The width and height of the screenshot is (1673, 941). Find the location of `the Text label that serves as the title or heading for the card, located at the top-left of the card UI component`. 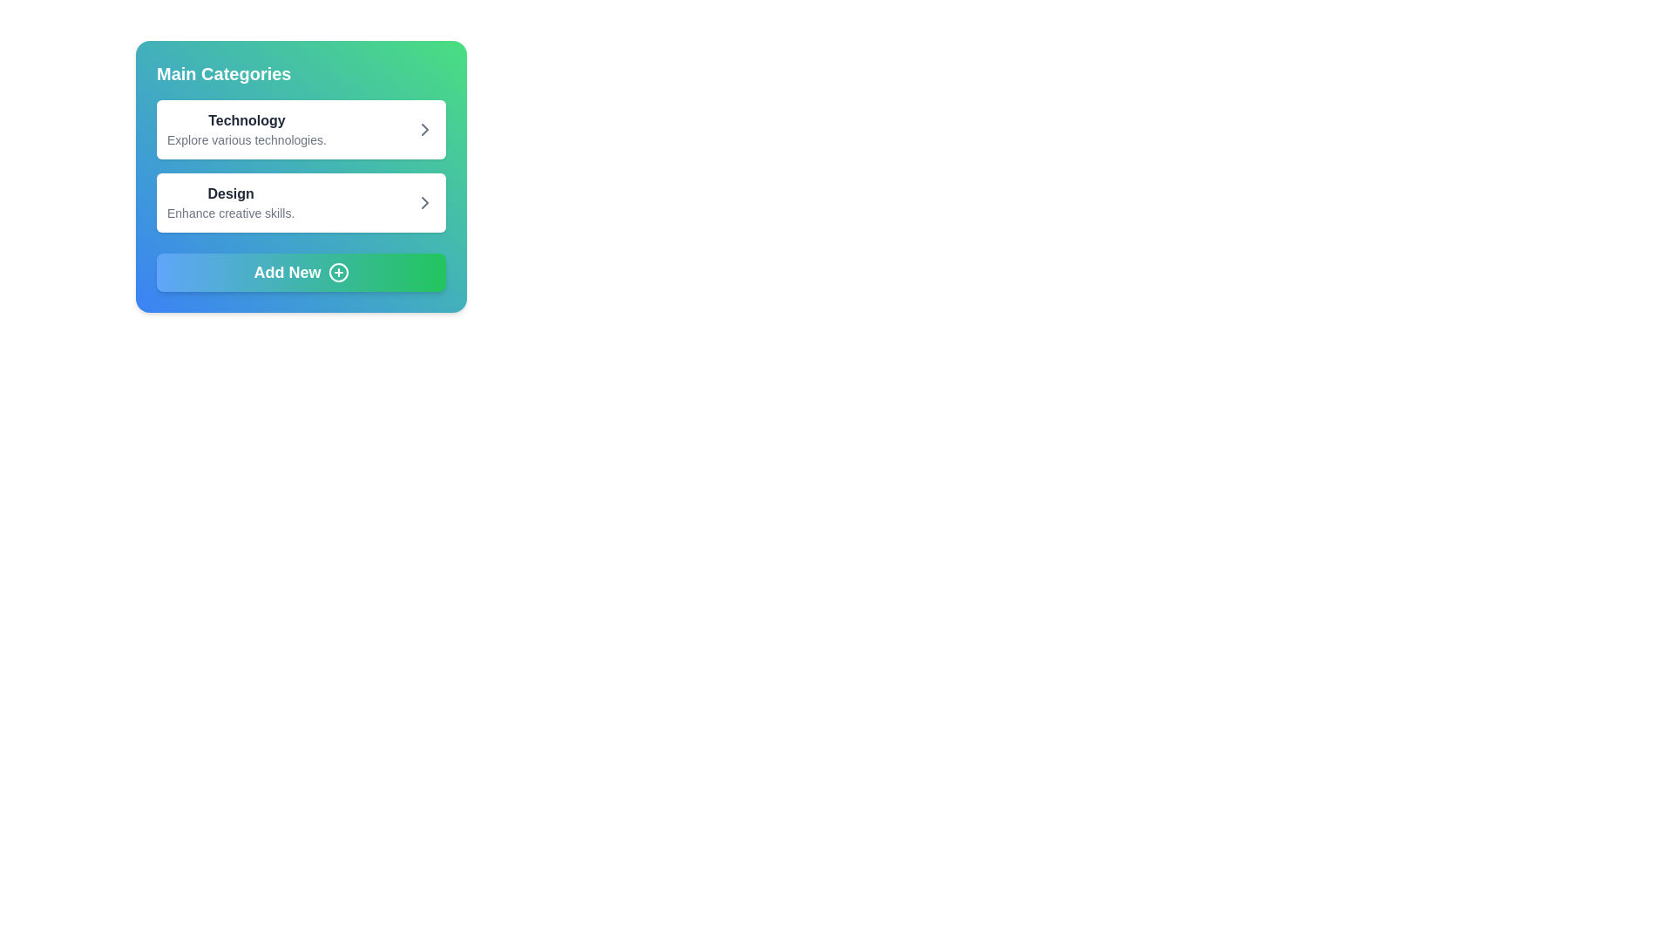

the Text label that serves as the title or heading for the card, located at the top-left of the card UI component is located at coordinates (223, 72).